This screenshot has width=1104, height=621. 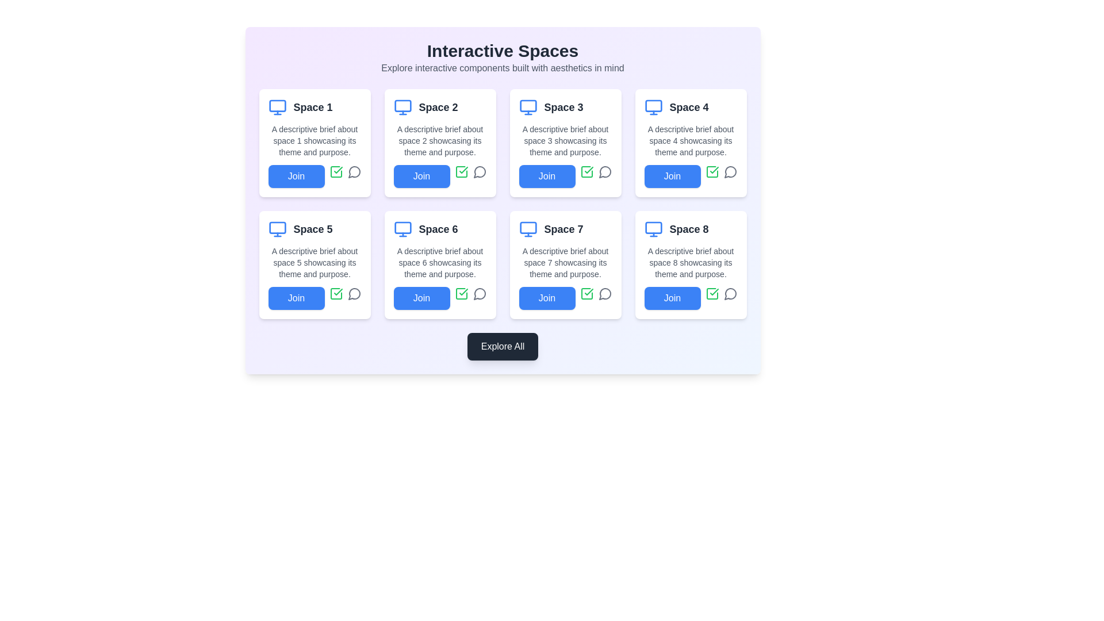 What do you see at coordinates (730, 172) in the screenshot?
I see `the circular speech bubble icon used for messaging or commenting functionality, which is located in the action panel below 'Space 4'` at bounding box center [730, 172].